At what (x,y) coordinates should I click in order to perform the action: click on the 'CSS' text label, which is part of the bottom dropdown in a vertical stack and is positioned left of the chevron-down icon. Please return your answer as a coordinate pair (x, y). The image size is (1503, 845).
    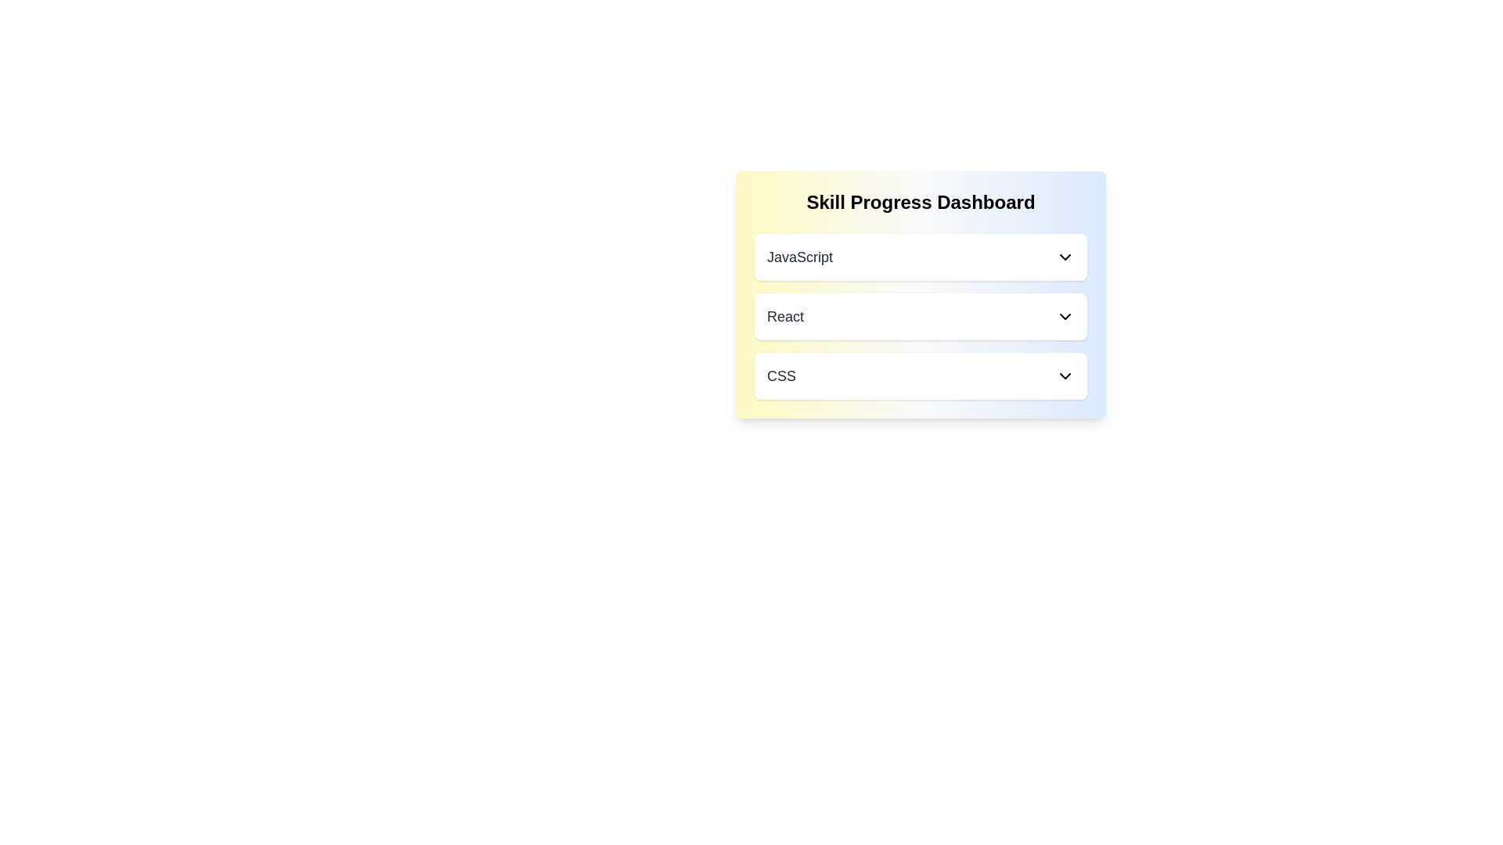
    Looking at the image, I should click on (781, 376).